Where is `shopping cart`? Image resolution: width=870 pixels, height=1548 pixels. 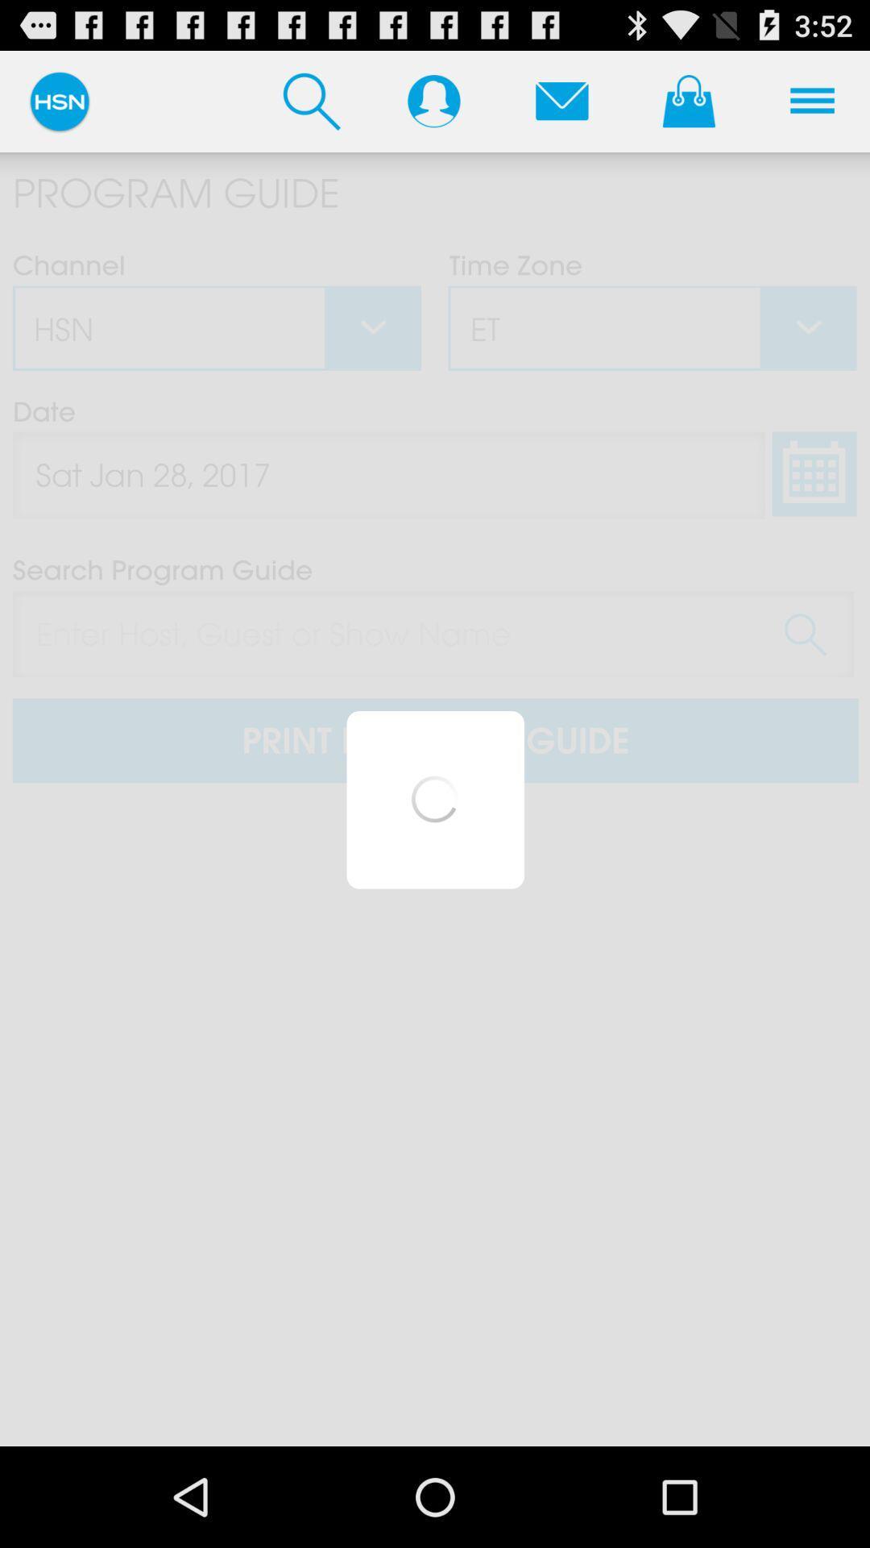
shopping cart is located at coordinates (689, 100).